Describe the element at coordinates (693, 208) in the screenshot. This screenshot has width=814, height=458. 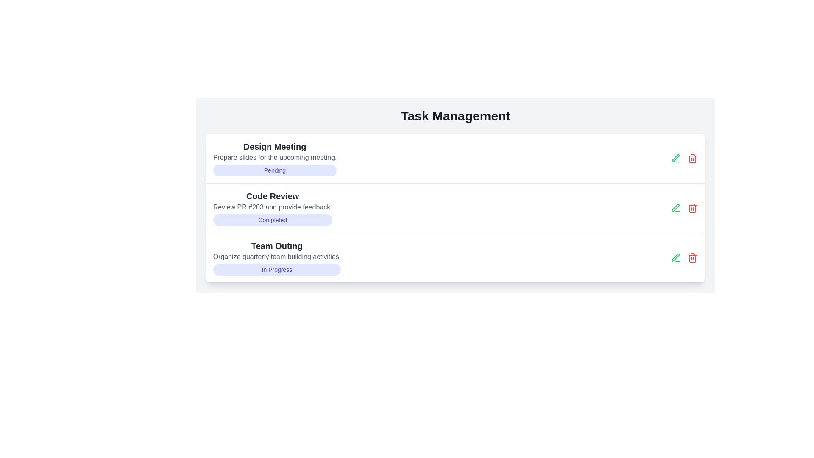
I see `the red trash bin icon used for deleting items, located on the right side of the second row` at that location.